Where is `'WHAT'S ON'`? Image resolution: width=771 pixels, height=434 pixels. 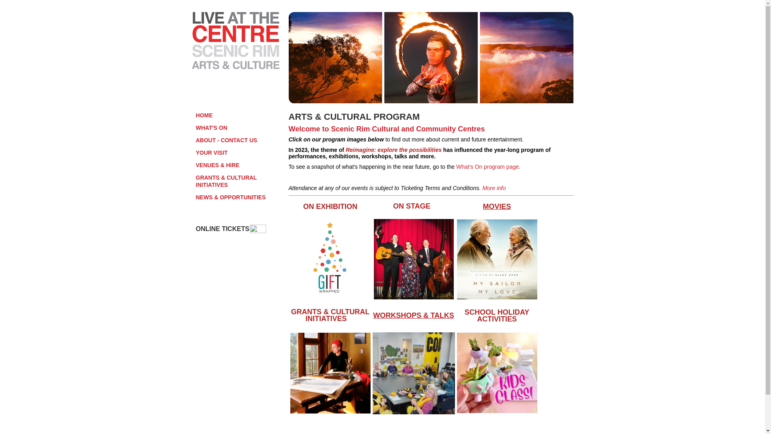 'WHAT'S ON' is located at coordinates (239, 127).